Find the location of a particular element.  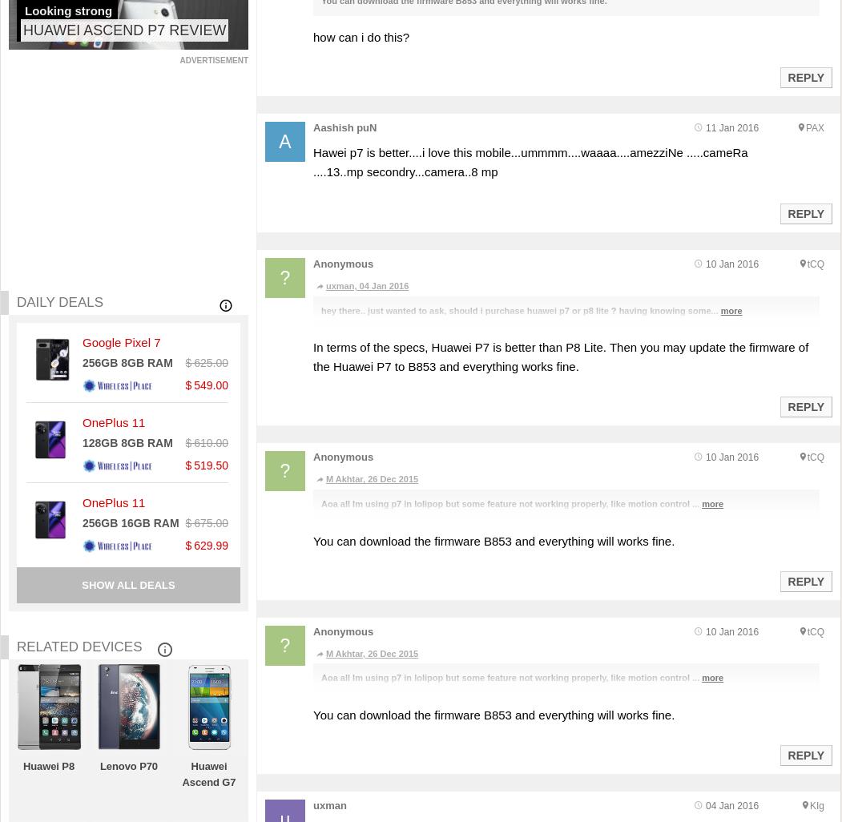

'04 Jan 2016' is located at coordinates (731, 804).